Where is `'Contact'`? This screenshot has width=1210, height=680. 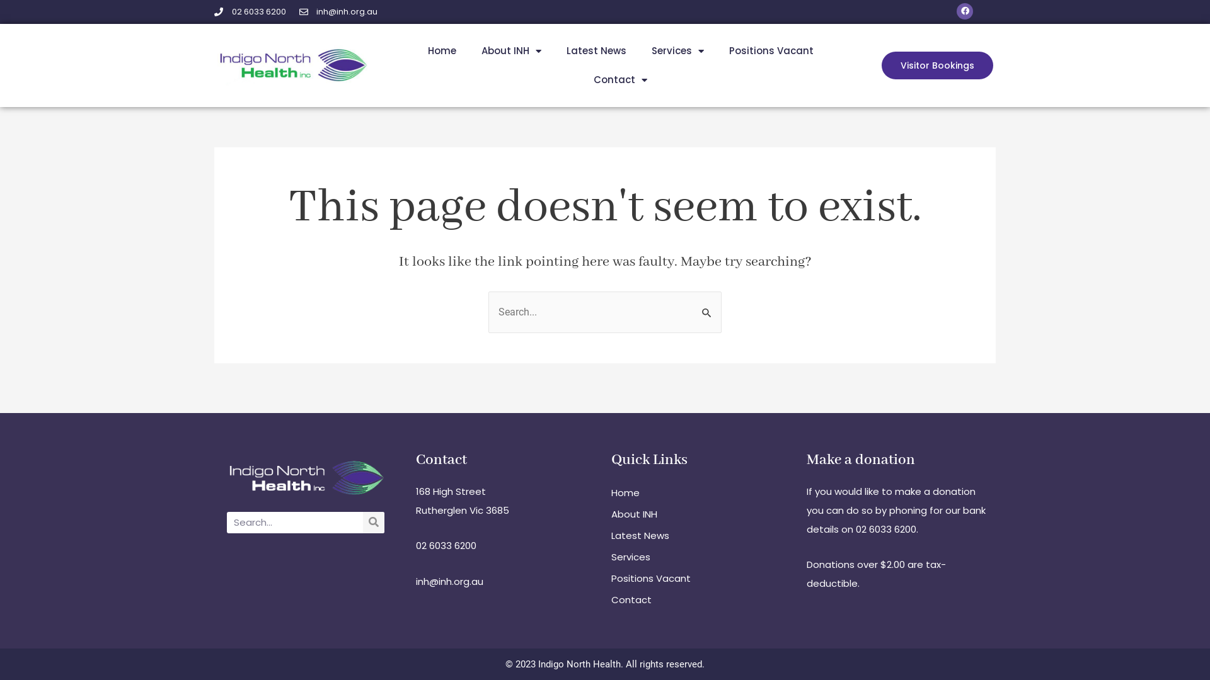 'Contact' is located at coordinates (620, 80).